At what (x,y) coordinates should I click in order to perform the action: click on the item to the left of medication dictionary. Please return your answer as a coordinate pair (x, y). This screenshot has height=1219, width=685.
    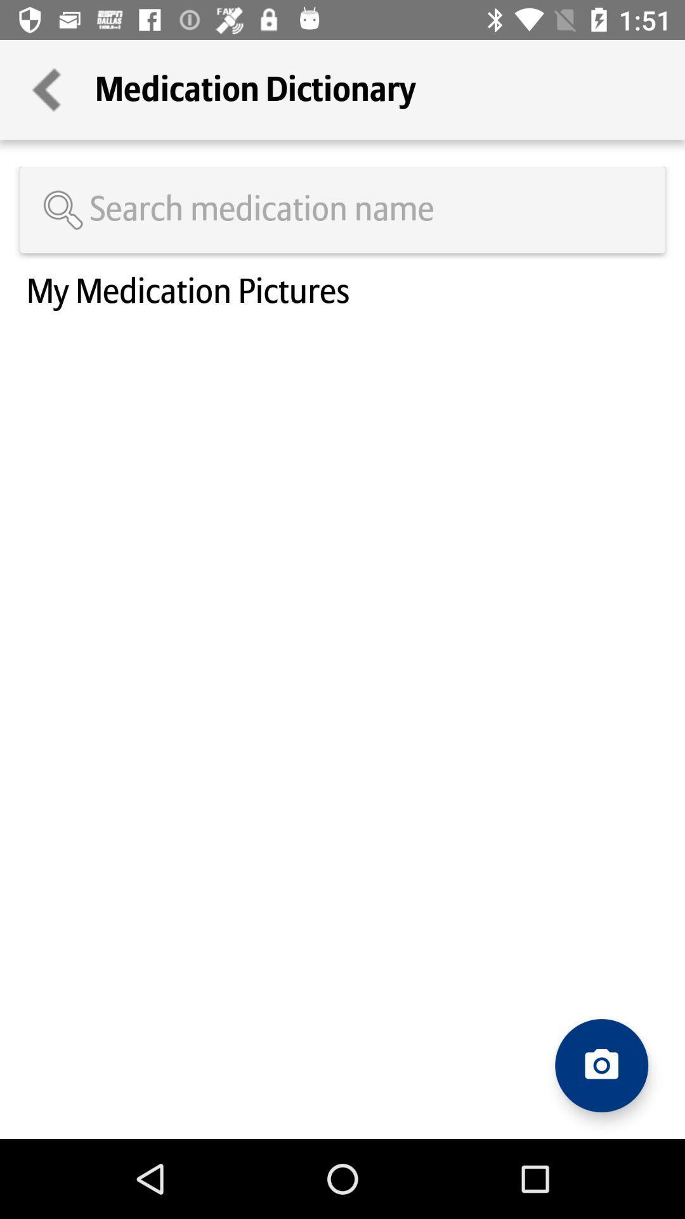
    Looking at the image, I should click on (46, 89).